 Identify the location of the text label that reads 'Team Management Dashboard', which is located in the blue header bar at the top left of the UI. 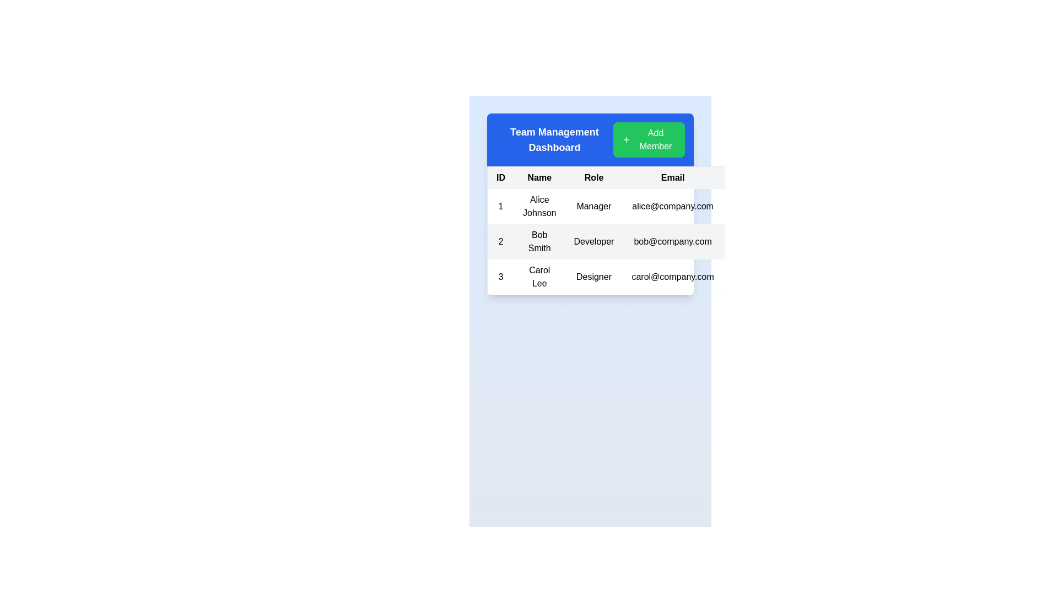
(554, 139).